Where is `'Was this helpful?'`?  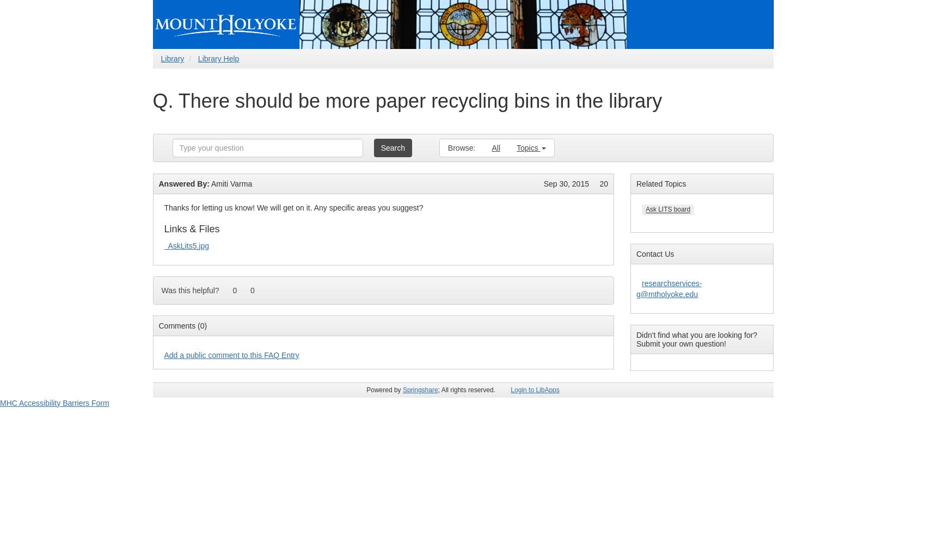 'Was this helpful?' is located at coordinates (190, 290).